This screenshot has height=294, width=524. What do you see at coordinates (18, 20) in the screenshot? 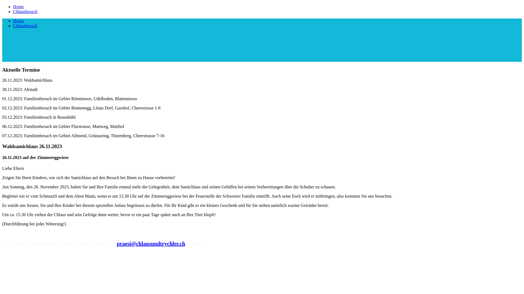
I see `'Home'` at bounding box center [18, 20].